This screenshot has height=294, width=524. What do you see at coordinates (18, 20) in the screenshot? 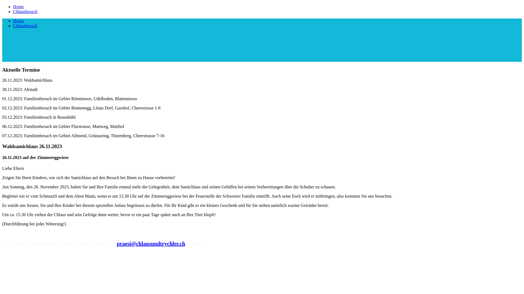
I see `'Home'` at bounding box center [18, 20].